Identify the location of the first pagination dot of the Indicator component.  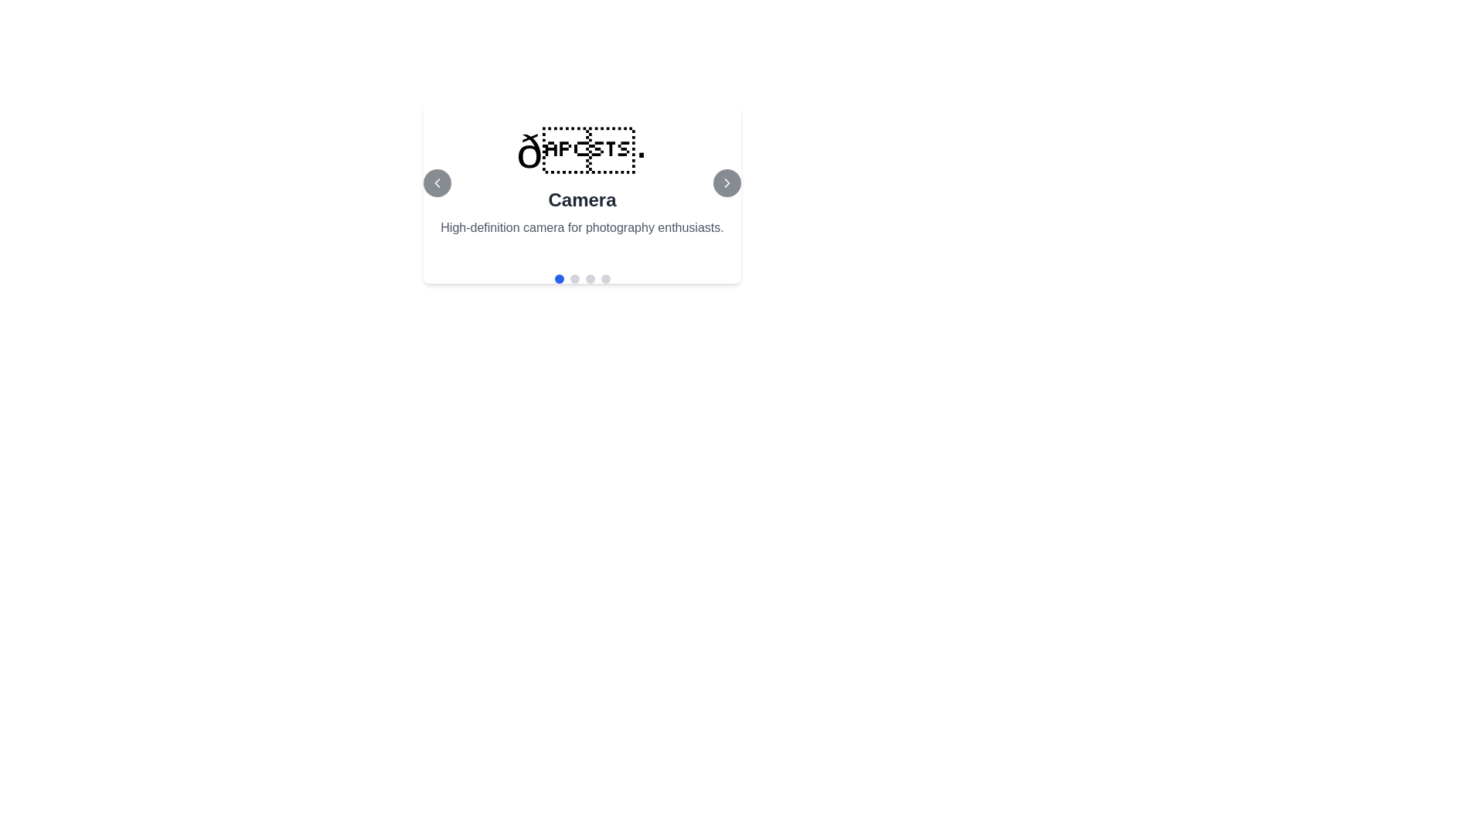
(581, 279).